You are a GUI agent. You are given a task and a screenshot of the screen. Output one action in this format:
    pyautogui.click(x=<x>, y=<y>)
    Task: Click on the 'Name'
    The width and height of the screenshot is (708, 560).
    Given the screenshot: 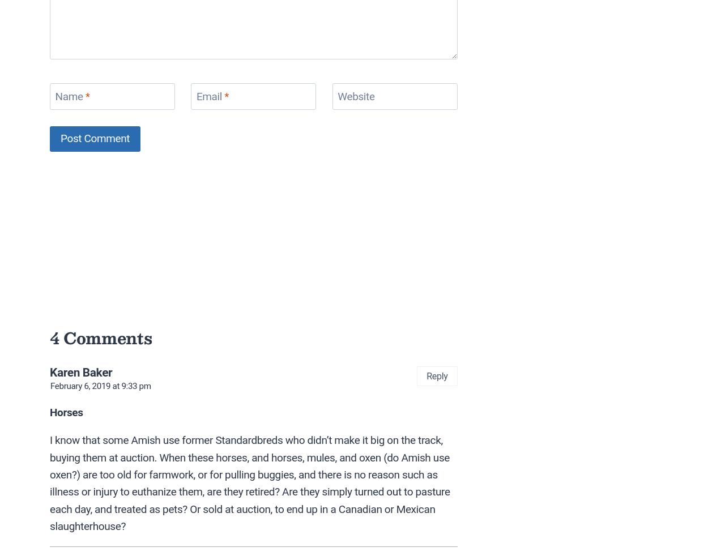 What is the action you would take?
    pyautogui.click(x=69, y=96)
    